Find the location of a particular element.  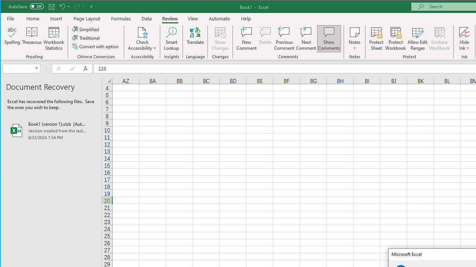

'Next Comment' is located at coordinates (306, 39).